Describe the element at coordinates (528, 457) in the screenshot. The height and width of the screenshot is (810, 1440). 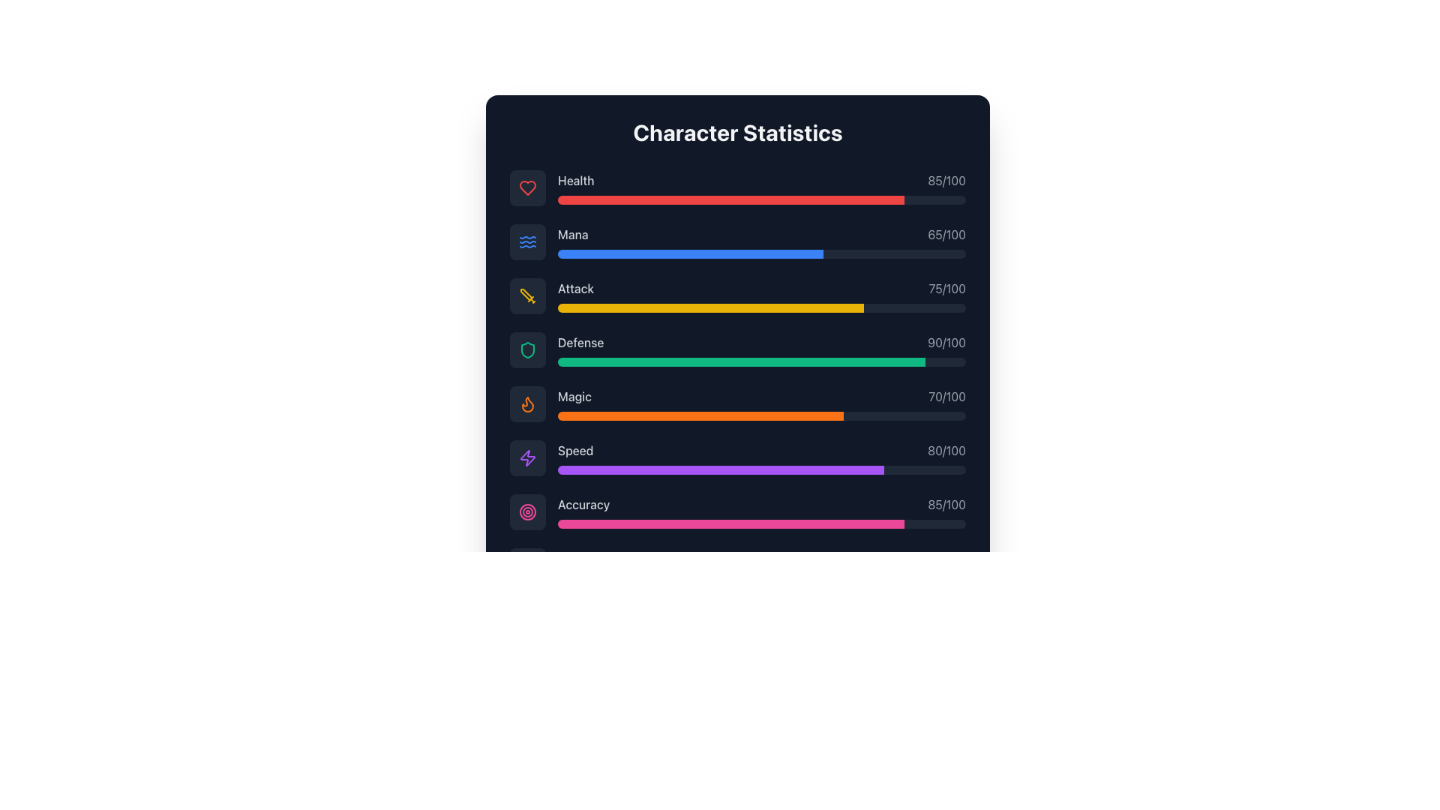
I see `the purple lightning bolt icon representing the 'Speed' category, which is the sixth icon in the vertical list of stat categories on the left side of the 'Character Statistics' panel` at that location.